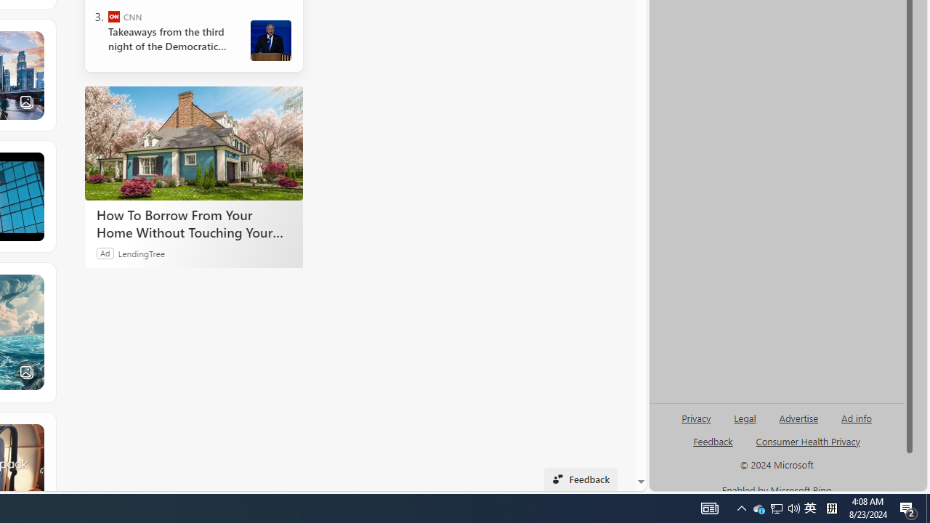 The image size is (930, 523). What do you see at coordinates (713, 440) in the screenshot?
I see `'AutomationID: sb_feedback'` at bounding box center [713, 440].